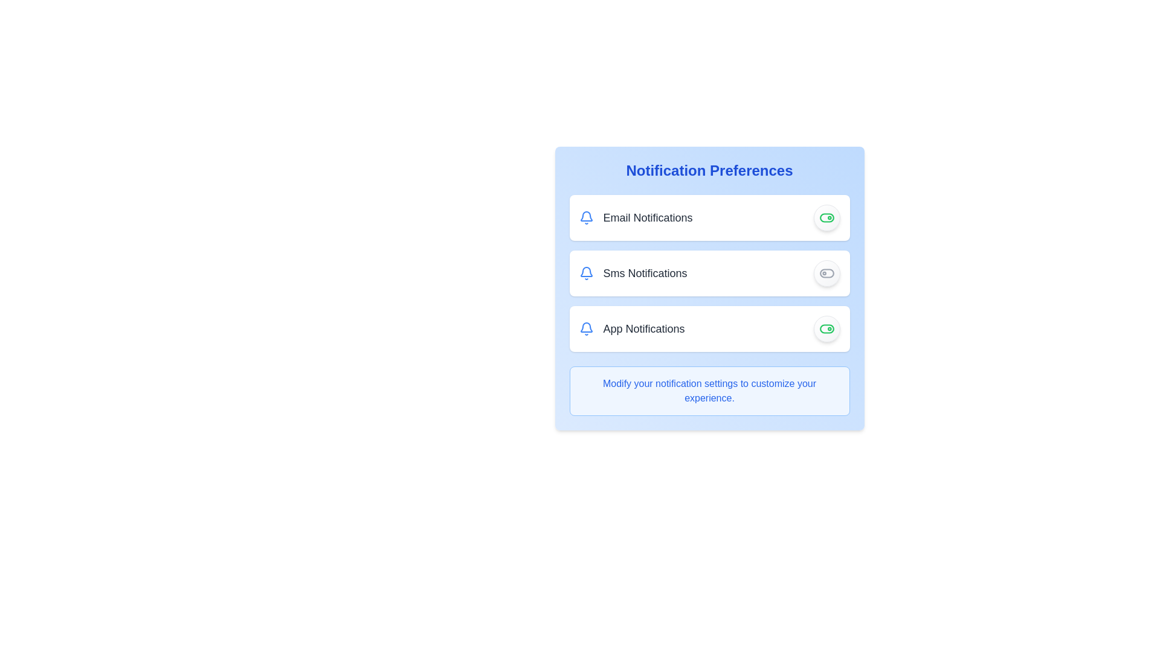 Image resolution: width=1160 pixels, height=652 pixels. I want to click on the Toggle switch list item for SMS notifications, so click(709, 289).